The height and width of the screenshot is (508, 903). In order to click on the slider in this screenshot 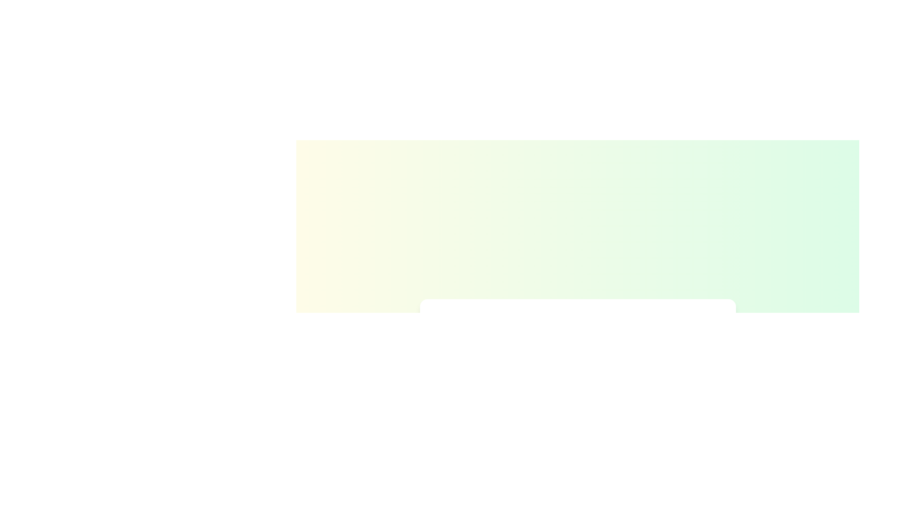, I will do `click(656, 359)`.